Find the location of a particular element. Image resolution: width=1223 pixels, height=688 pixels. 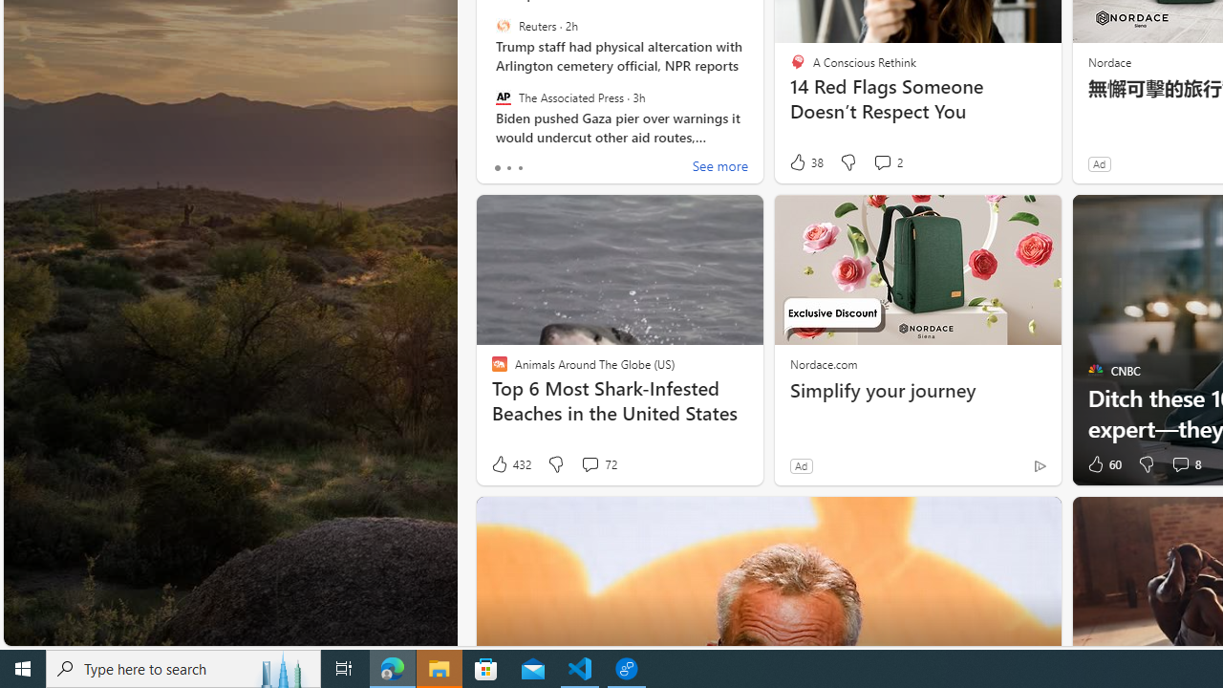

'View comments 72 Comment' is located at coordinates (589, 464).